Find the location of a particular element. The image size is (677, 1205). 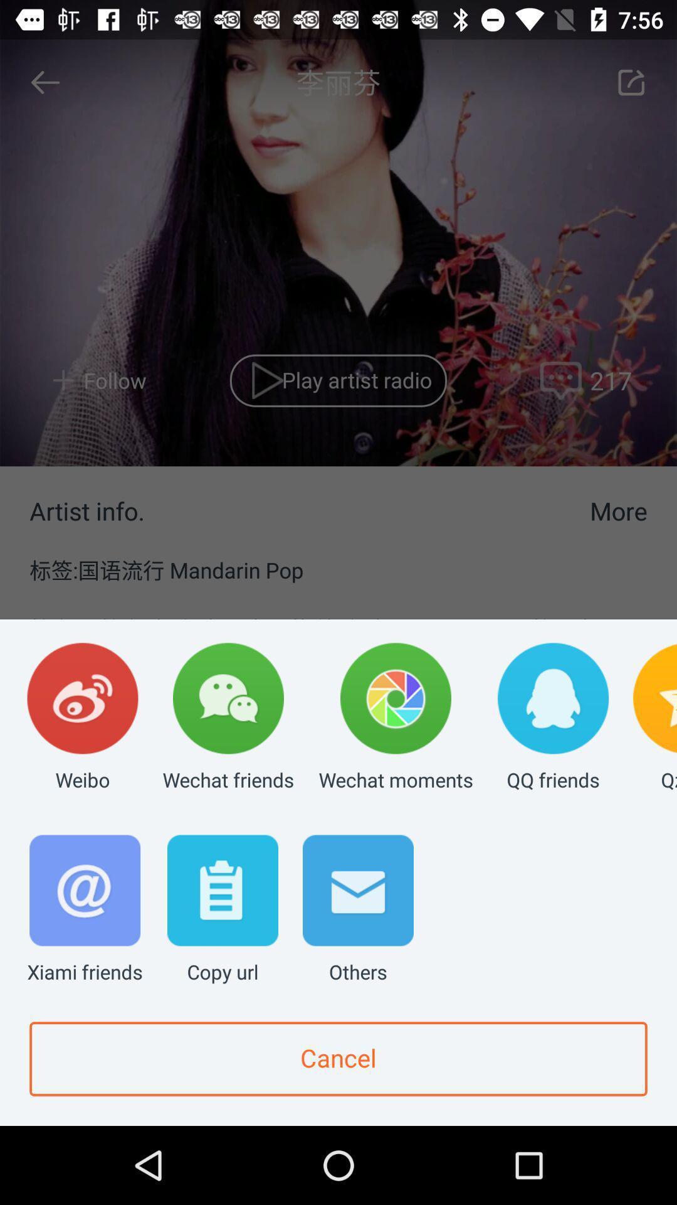

the app next to others icon is located at coordinates (222, 910).